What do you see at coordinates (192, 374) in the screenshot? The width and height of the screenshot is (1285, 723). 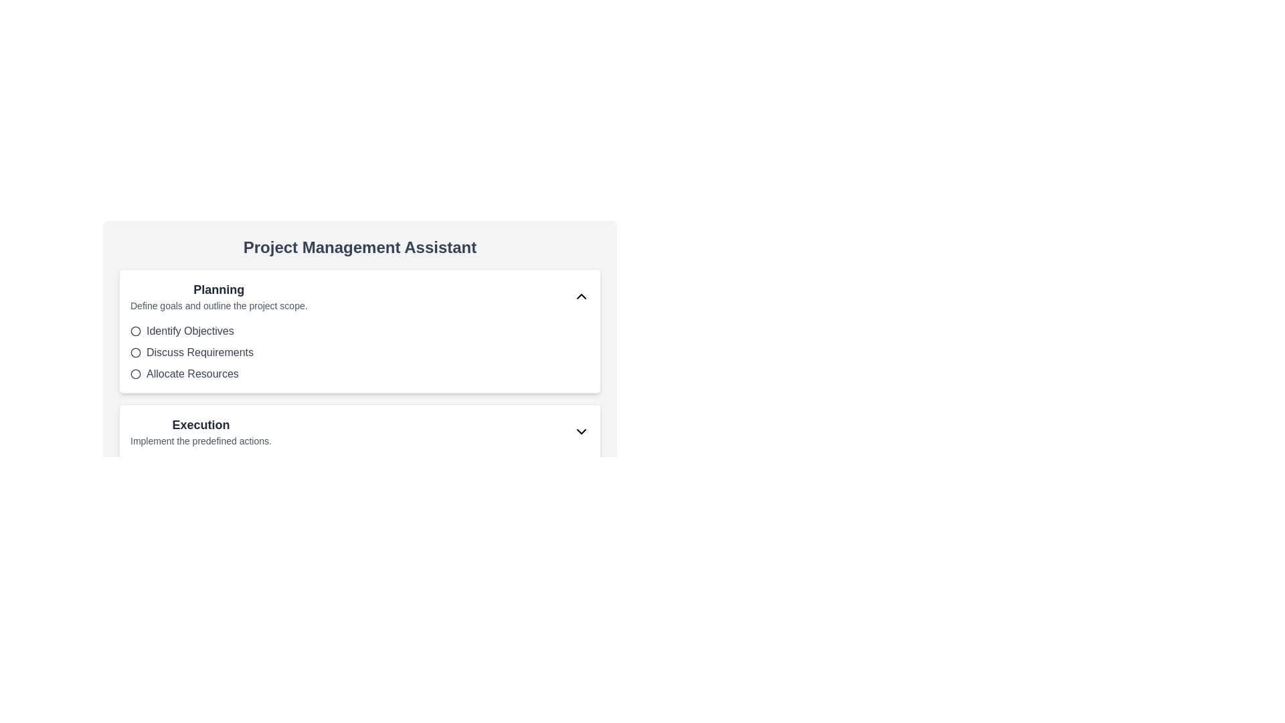 I see `the text label for 'Allocate Resources', the third option in the 'Planning' section` at bounding box center [192, 374].